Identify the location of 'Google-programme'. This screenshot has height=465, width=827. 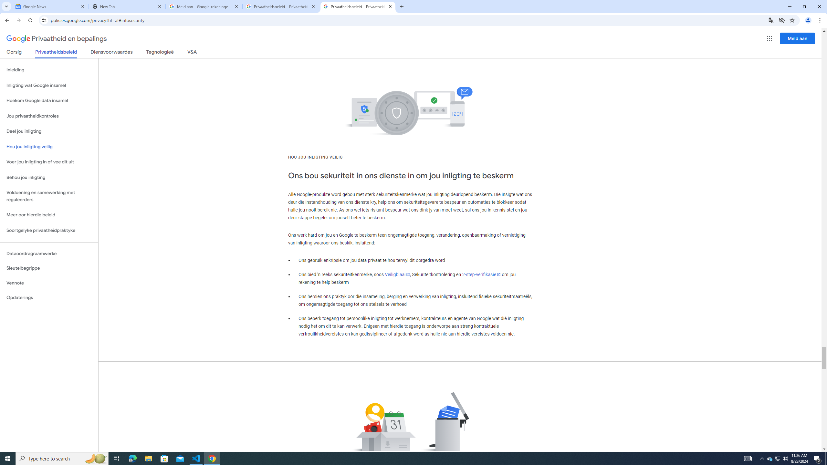
(769, 38).